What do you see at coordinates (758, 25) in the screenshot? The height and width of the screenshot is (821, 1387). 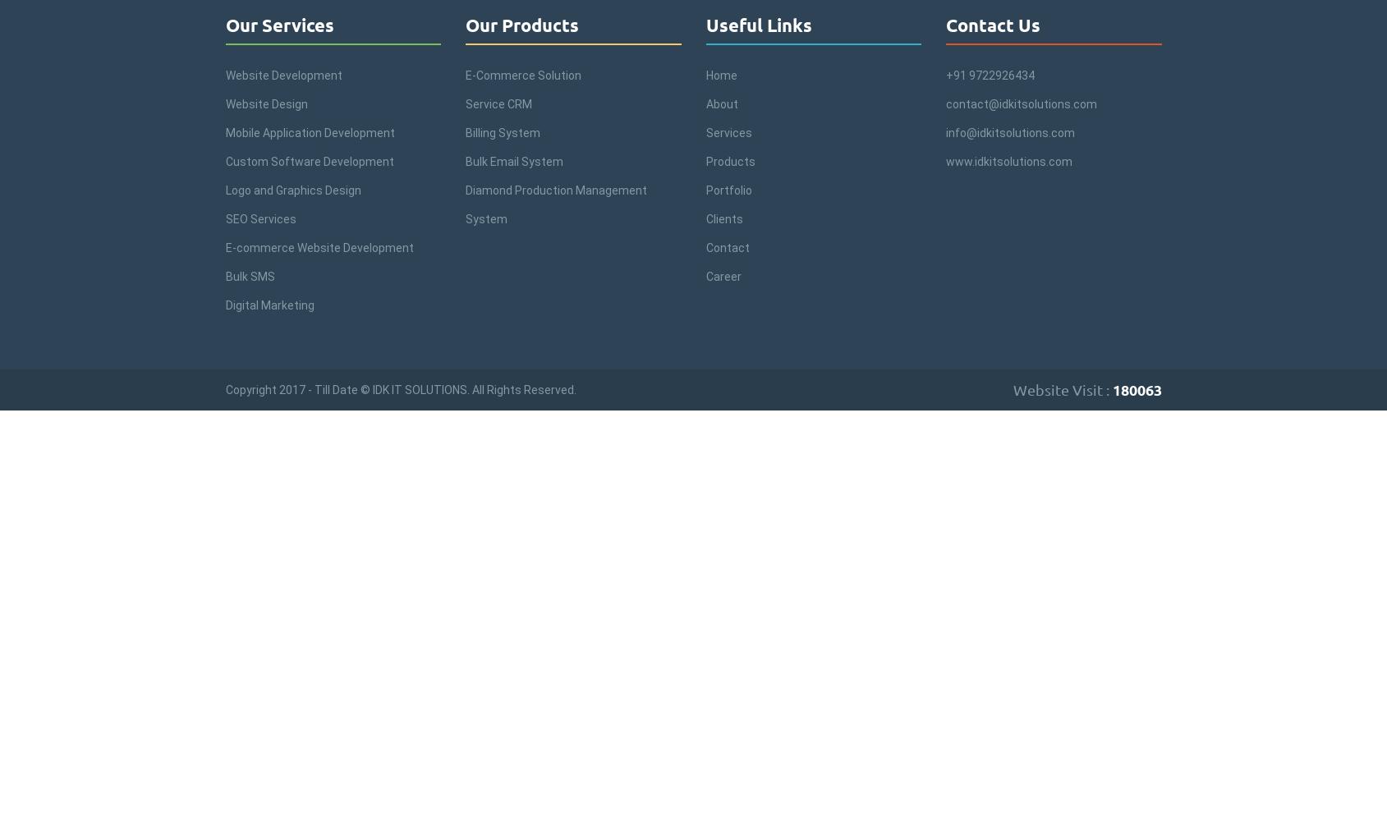 I see `'Useful Links'` at bounding box center [758, 25].